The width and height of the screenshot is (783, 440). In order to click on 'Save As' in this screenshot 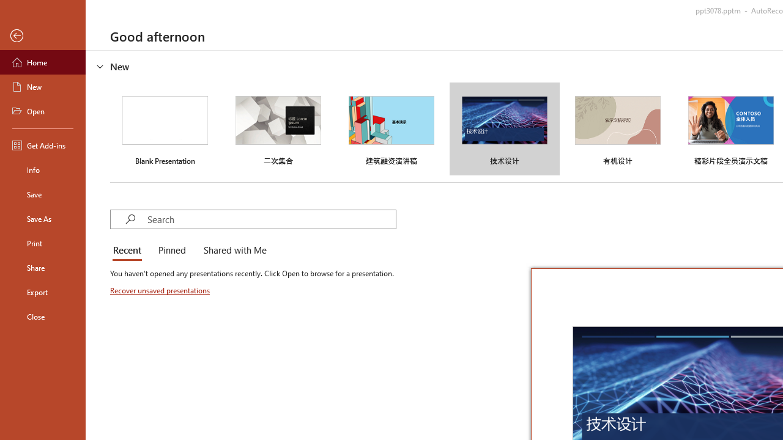, I will do `click(42, 218)`.